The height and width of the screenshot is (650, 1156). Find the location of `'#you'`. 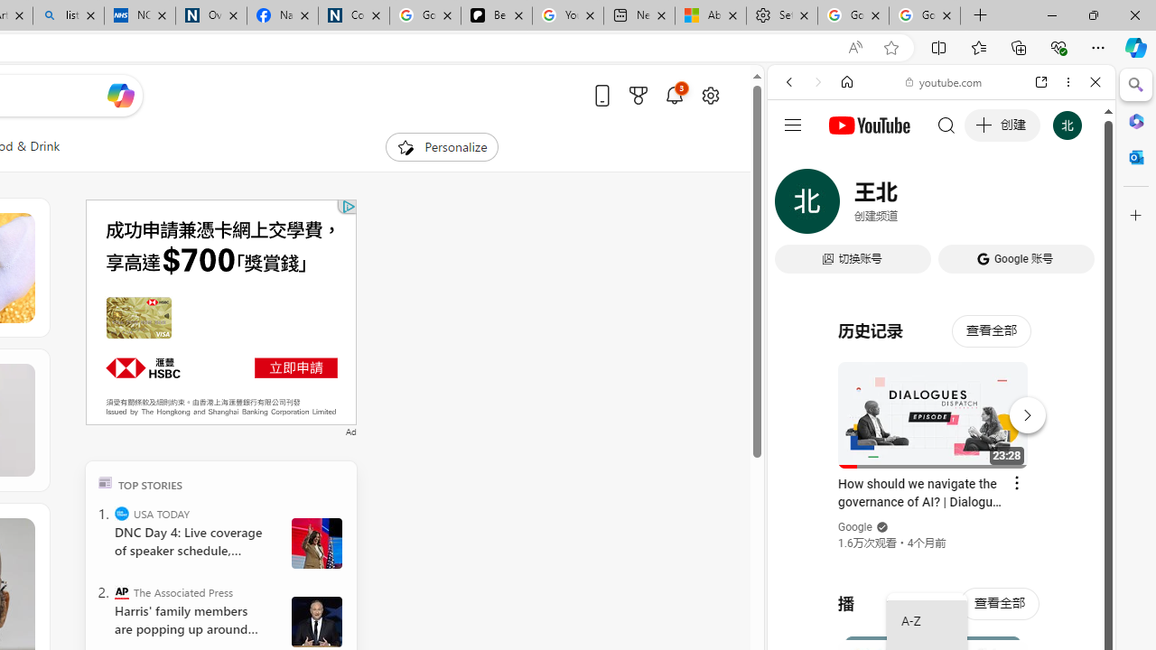

'#you' is located at coordinates (940, 402).